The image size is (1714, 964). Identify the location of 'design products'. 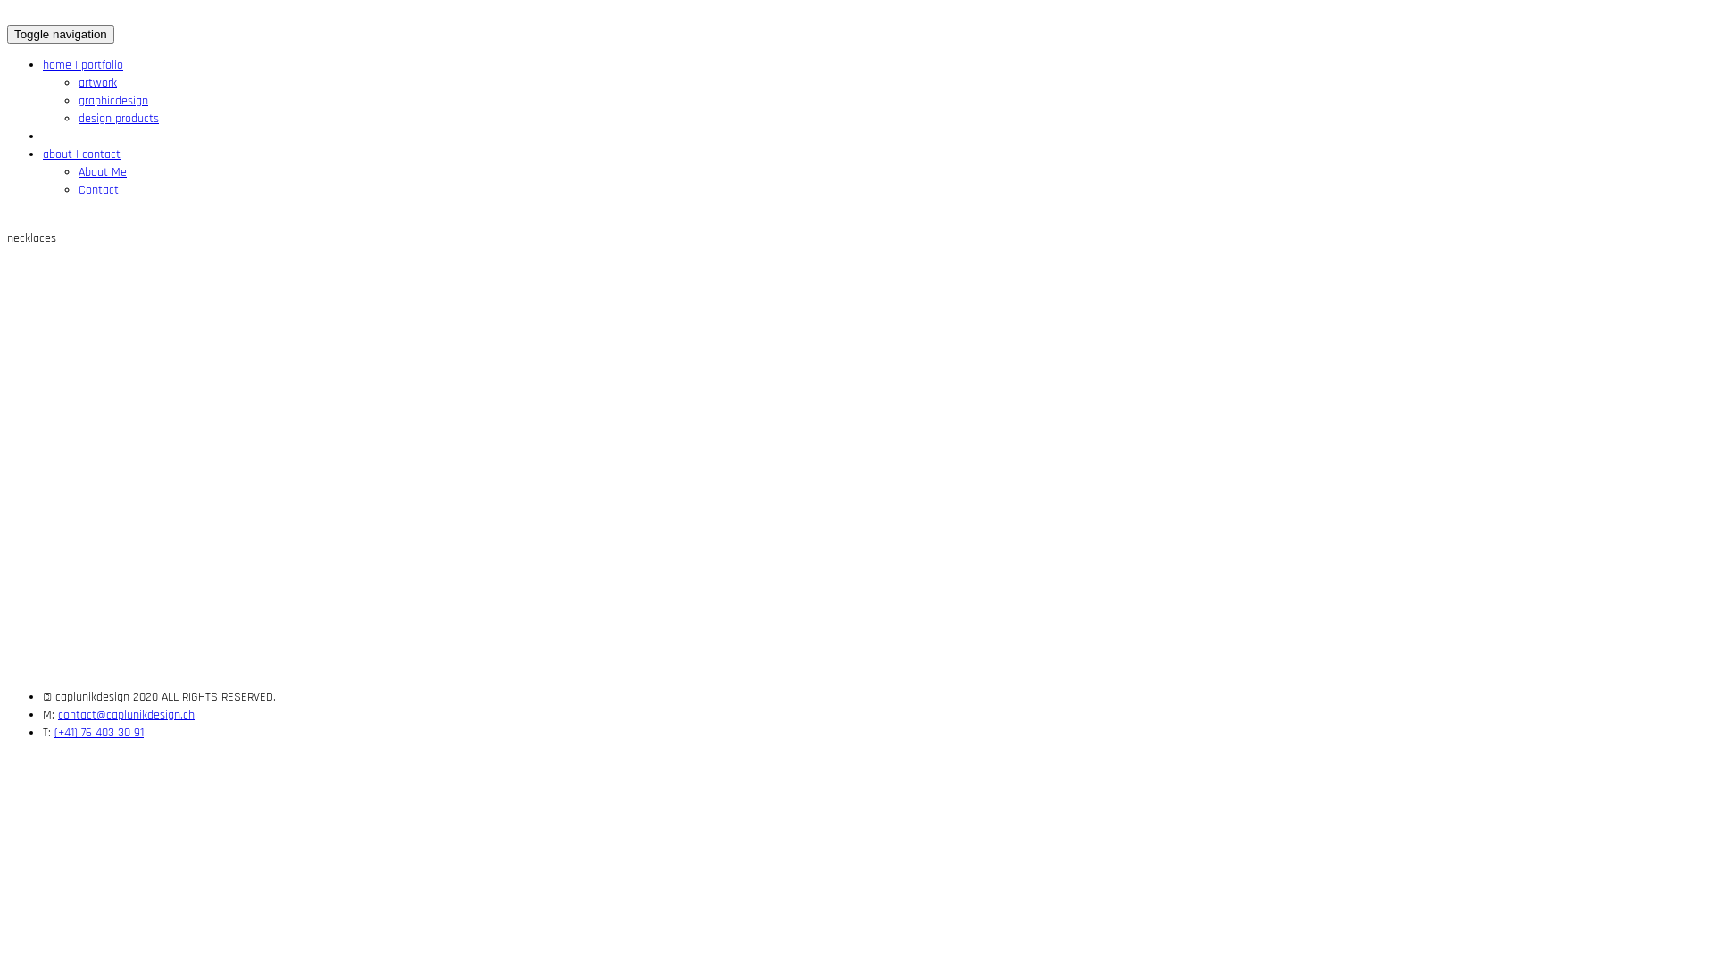
(118, 118).